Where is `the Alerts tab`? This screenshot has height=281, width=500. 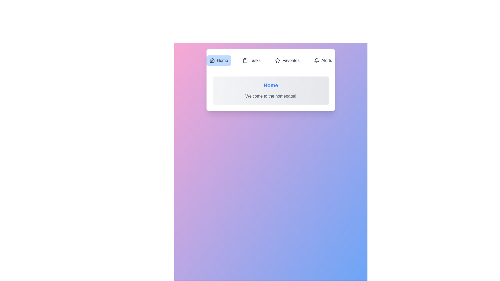
the Alerts tab is located at coordinates (323, 60).